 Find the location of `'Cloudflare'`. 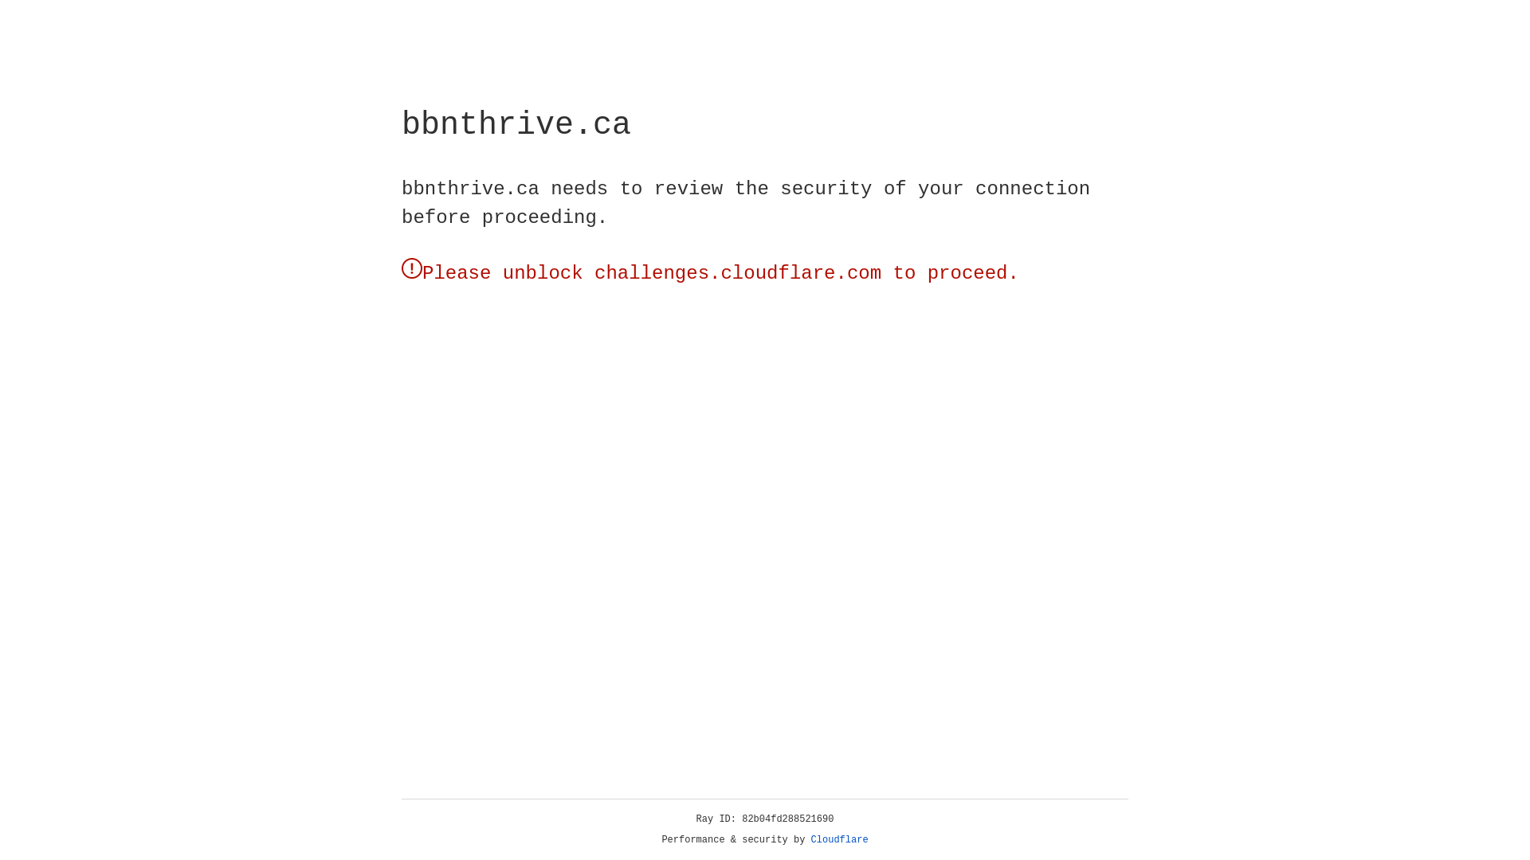

'Cloudflare' is located at coordinates (810, 839).